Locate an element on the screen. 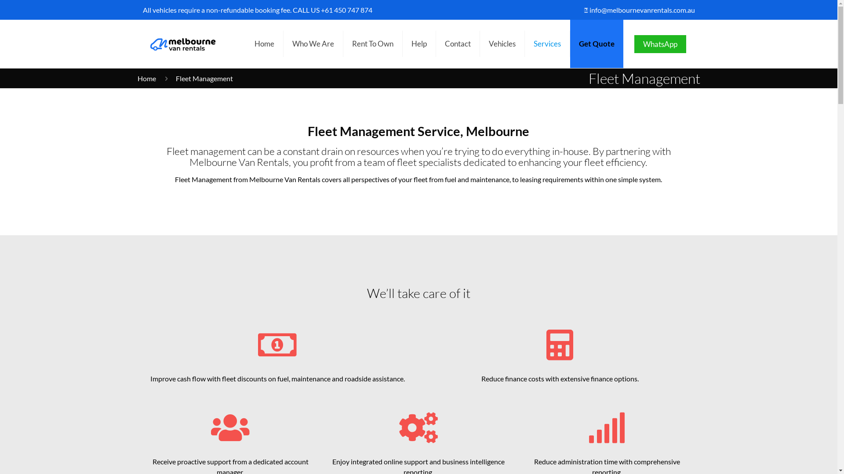 The width and height of the screenshot is (844, 474). '+61 450 747 874' is located at coordinates (346, 10).